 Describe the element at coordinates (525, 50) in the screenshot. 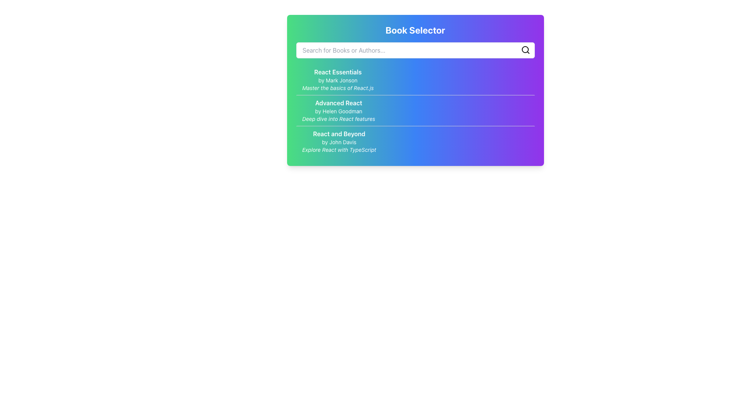

I see `the small black magnifying glass icon used for search functionality located in the top-right corner of the text input field below the 'Book Selector' heading` at that location.